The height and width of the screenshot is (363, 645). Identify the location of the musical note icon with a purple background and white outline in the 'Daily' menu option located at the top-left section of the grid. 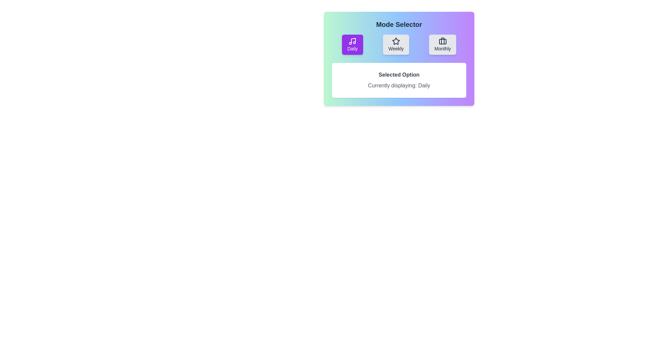
(352, 41).